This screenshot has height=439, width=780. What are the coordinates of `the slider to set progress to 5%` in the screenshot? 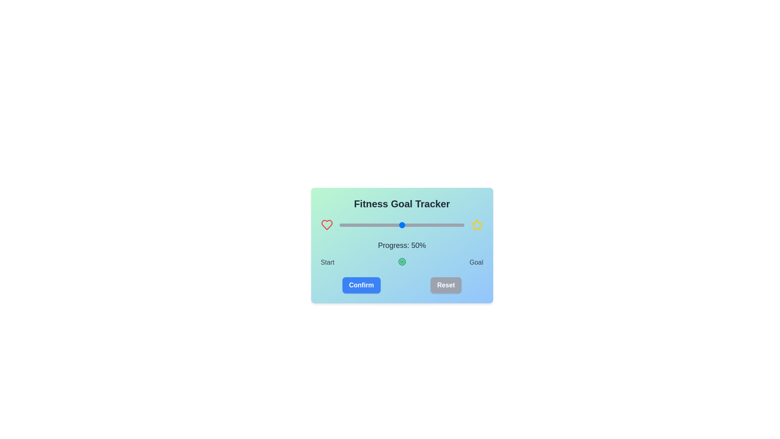 It's located at (346, 225).